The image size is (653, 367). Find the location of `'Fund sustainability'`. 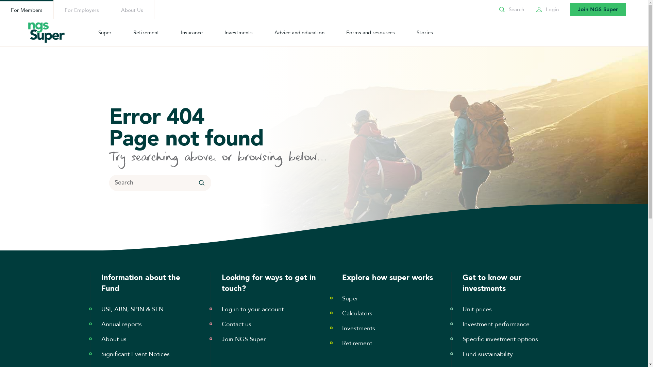

'Fund sustainability' is located at coordinates (487, 354).